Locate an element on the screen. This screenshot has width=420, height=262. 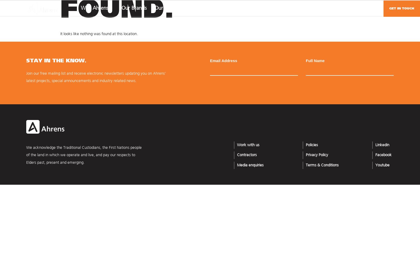
'Steel Fabrication' is located at coordinates (322, 122).